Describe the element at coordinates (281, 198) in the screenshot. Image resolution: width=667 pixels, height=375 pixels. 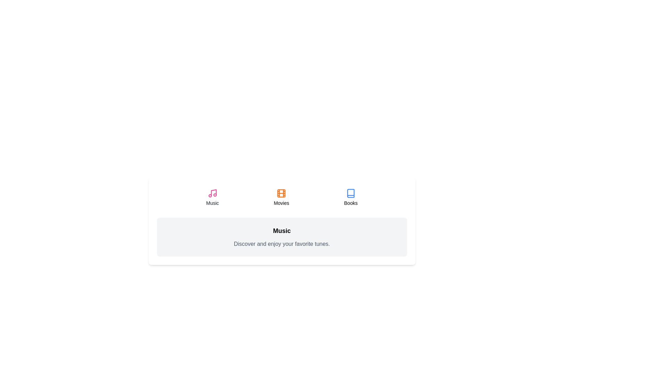
I see `the tab labeled 'Movies' to observe its hover effects` at that location.